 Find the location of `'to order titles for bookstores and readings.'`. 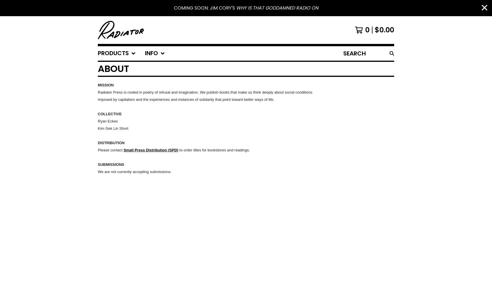

'to order titles for bookstores and readings.' is located at coordinates (214, 150).